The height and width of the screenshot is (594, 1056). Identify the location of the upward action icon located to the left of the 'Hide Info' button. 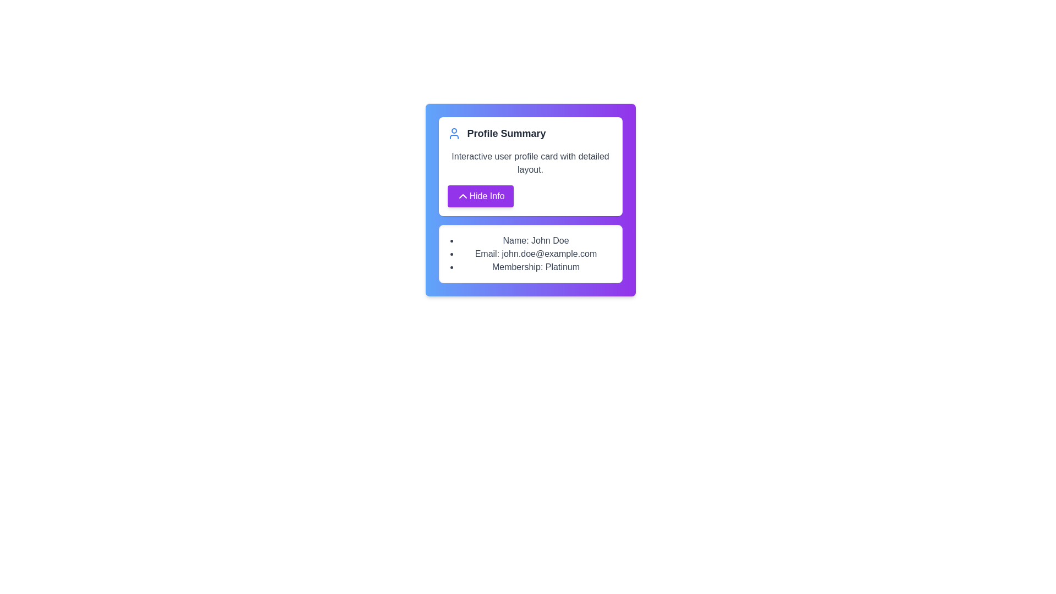
(463, 196).